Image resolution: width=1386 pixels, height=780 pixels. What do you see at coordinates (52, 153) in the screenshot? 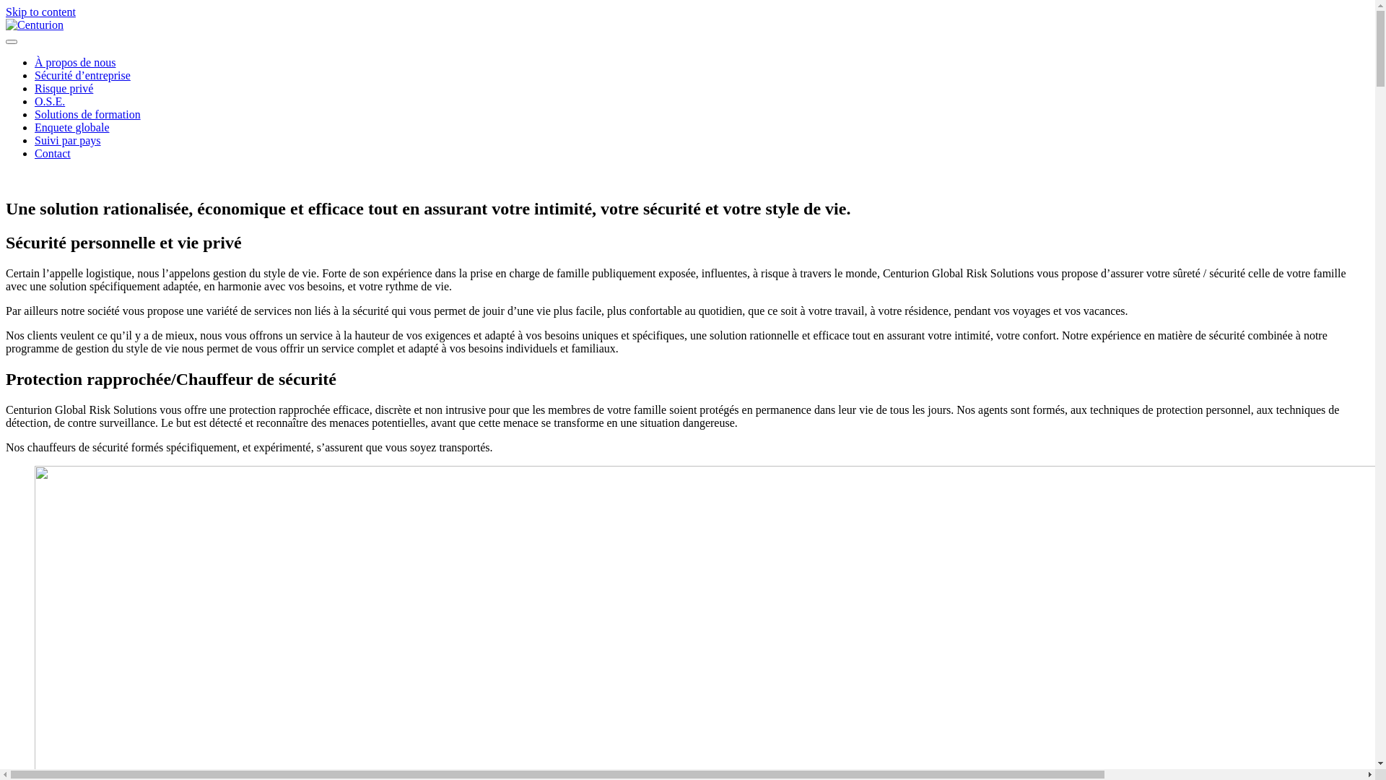
I see `'Contact'` at bounding box center [52, 153].